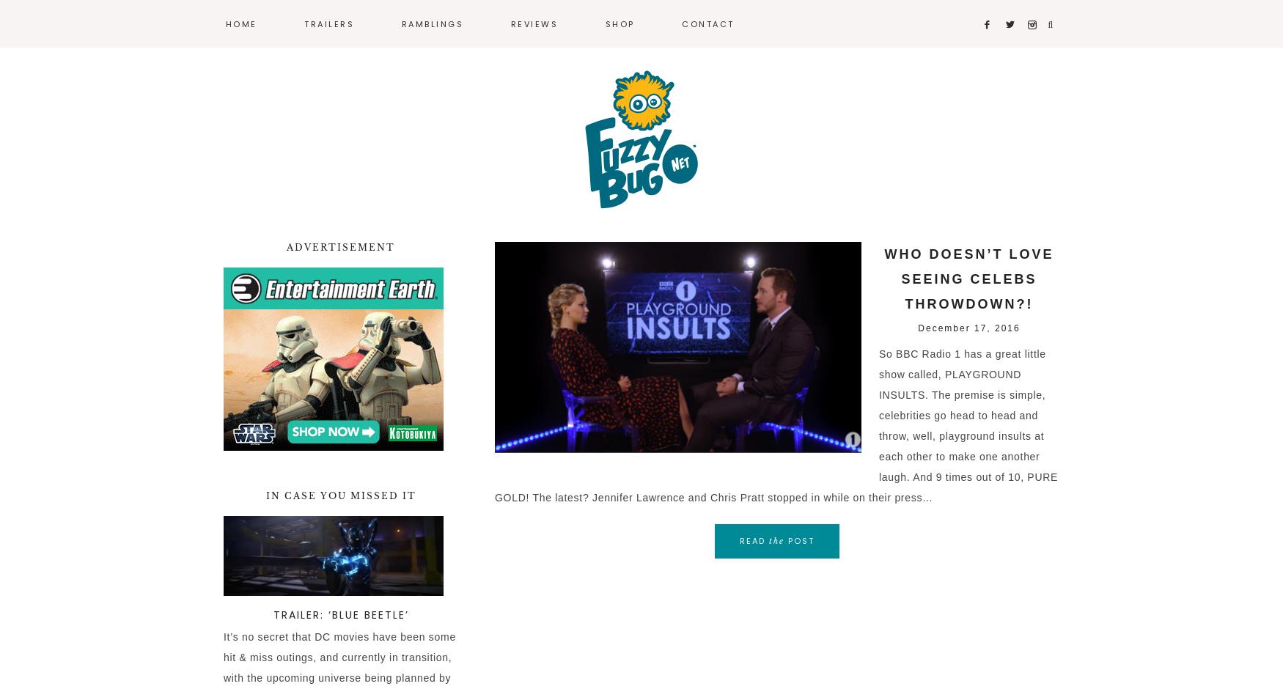  Describe the element at coordinates (416, 70) in the screenshot. I see `'Movies'` at that location.